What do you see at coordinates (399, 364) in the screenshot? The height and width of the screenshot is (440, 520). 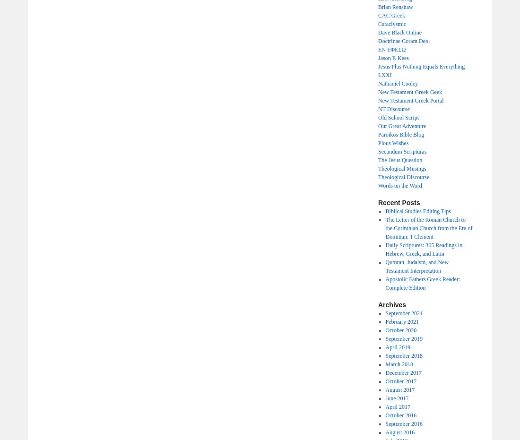 I see `'March 2018'` at bounding box center [399, 364].